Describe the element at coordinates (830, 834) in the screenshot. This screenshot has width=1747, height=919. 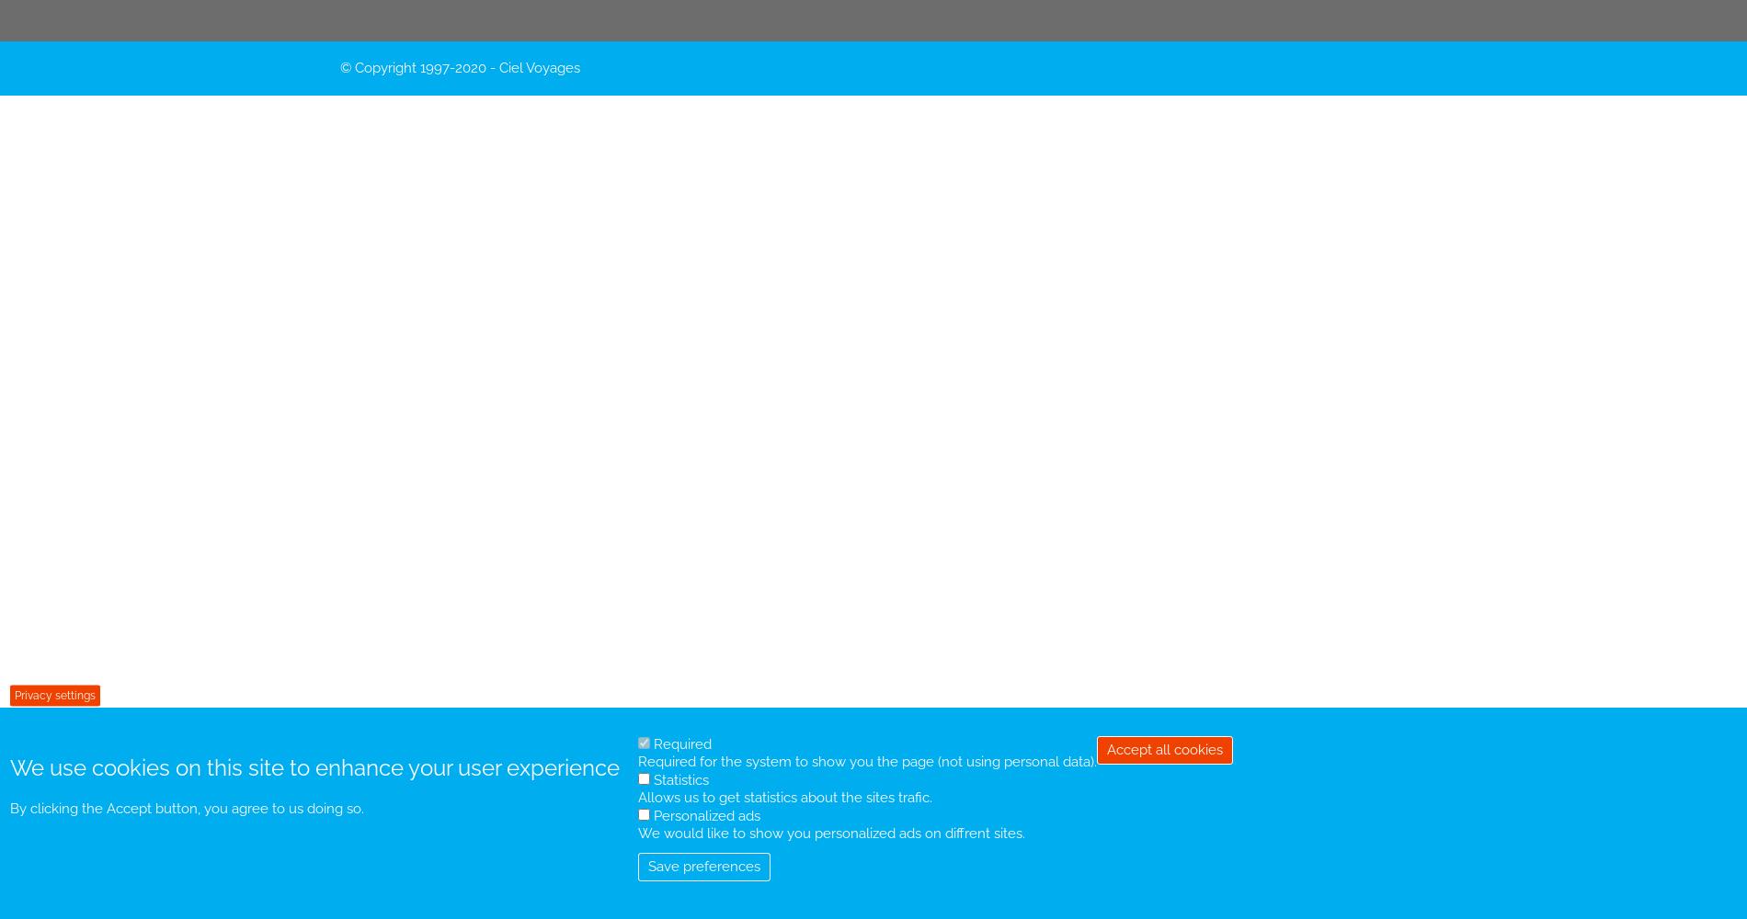
I see `'We would like to show you personalized ads on diffrent sites.'` at that location.